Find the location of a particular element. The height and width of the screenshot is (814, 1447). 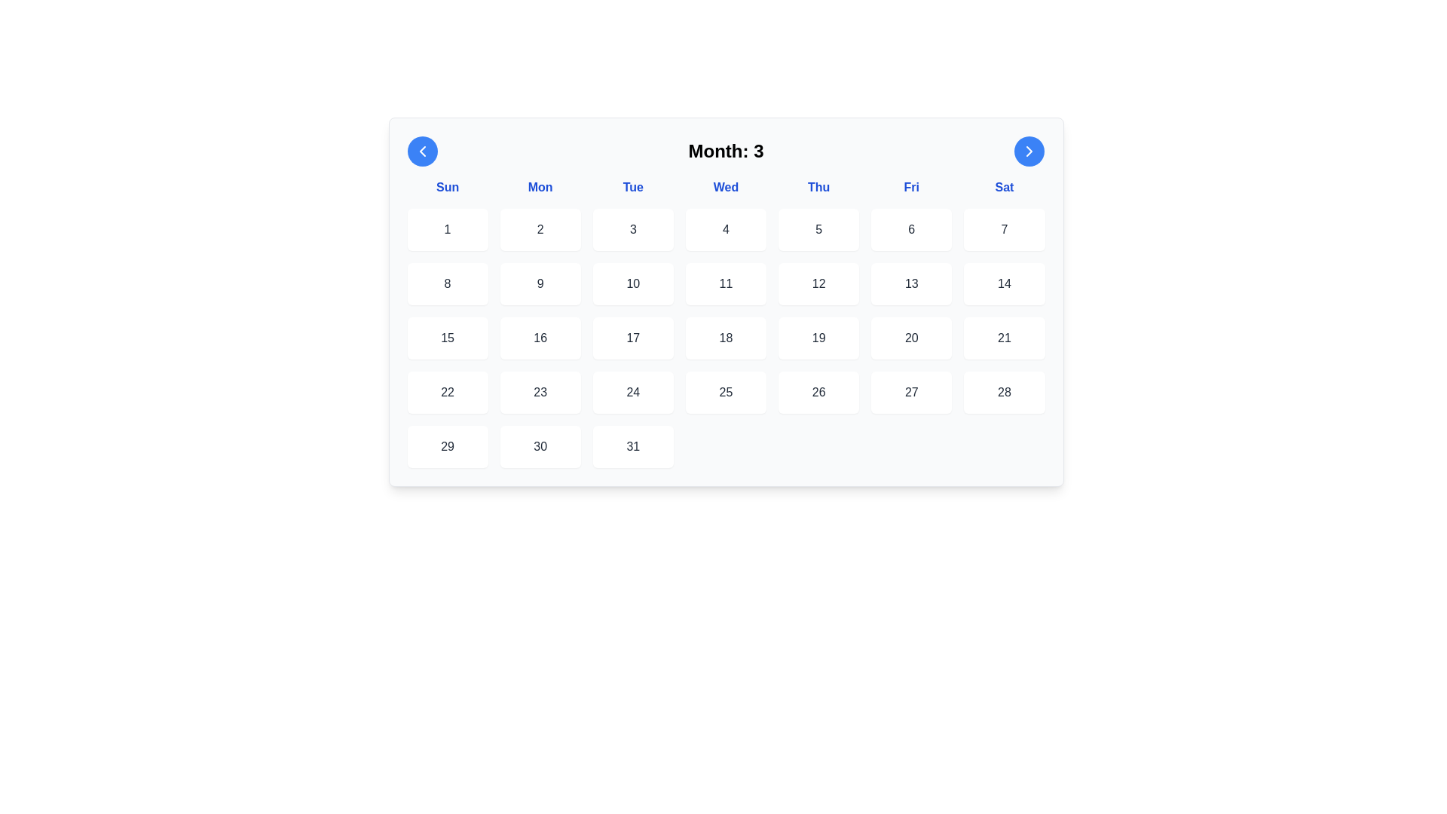

the Text Label indicating Tuesday in the calendar interface, which is the third label in a sequence of seven weekday labels is located at coordinates (633, 187).